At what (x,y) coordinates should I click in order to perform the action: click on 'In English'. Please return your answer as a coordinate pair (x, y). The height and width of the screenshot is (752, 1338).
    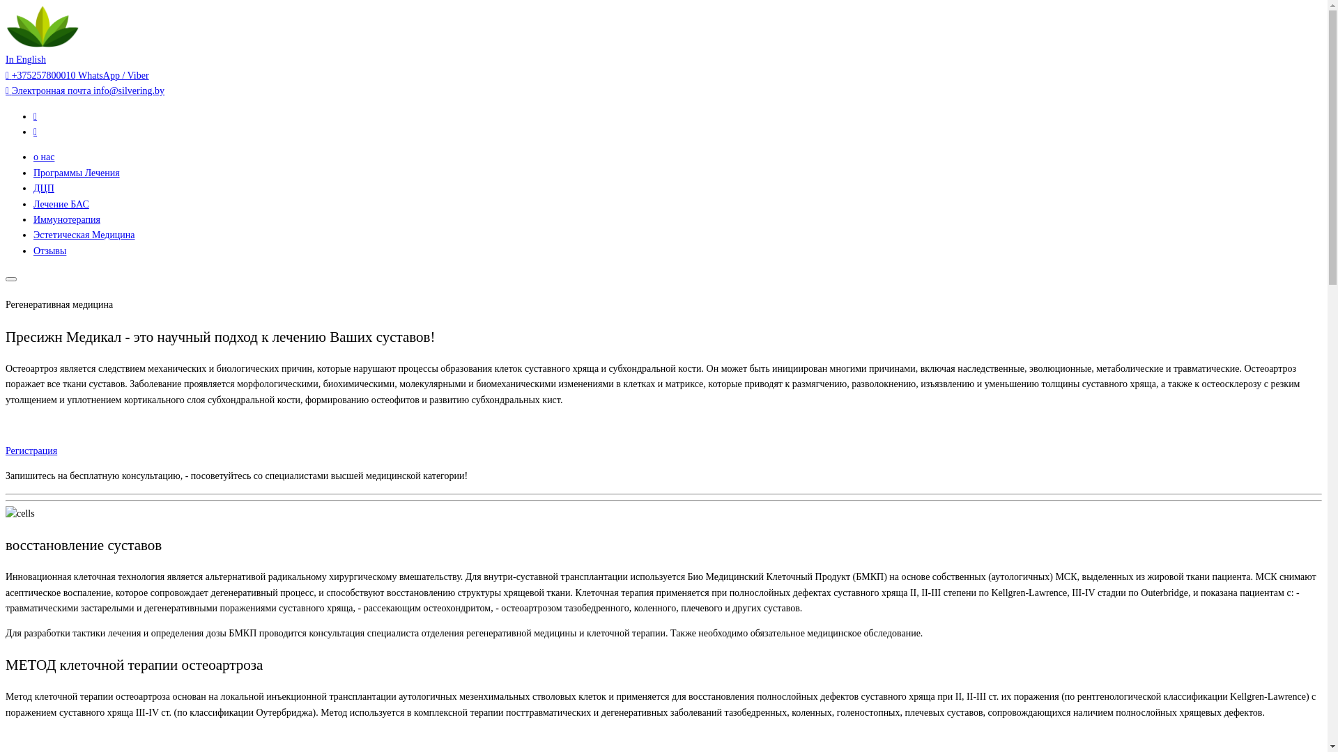
    Looking at the image, I should click on (26, 58).